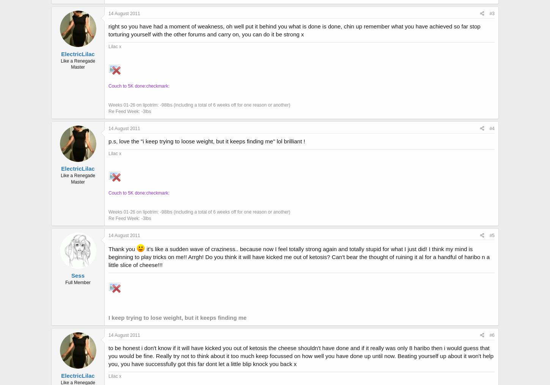  I want to click on '#5', so click(492, 234).